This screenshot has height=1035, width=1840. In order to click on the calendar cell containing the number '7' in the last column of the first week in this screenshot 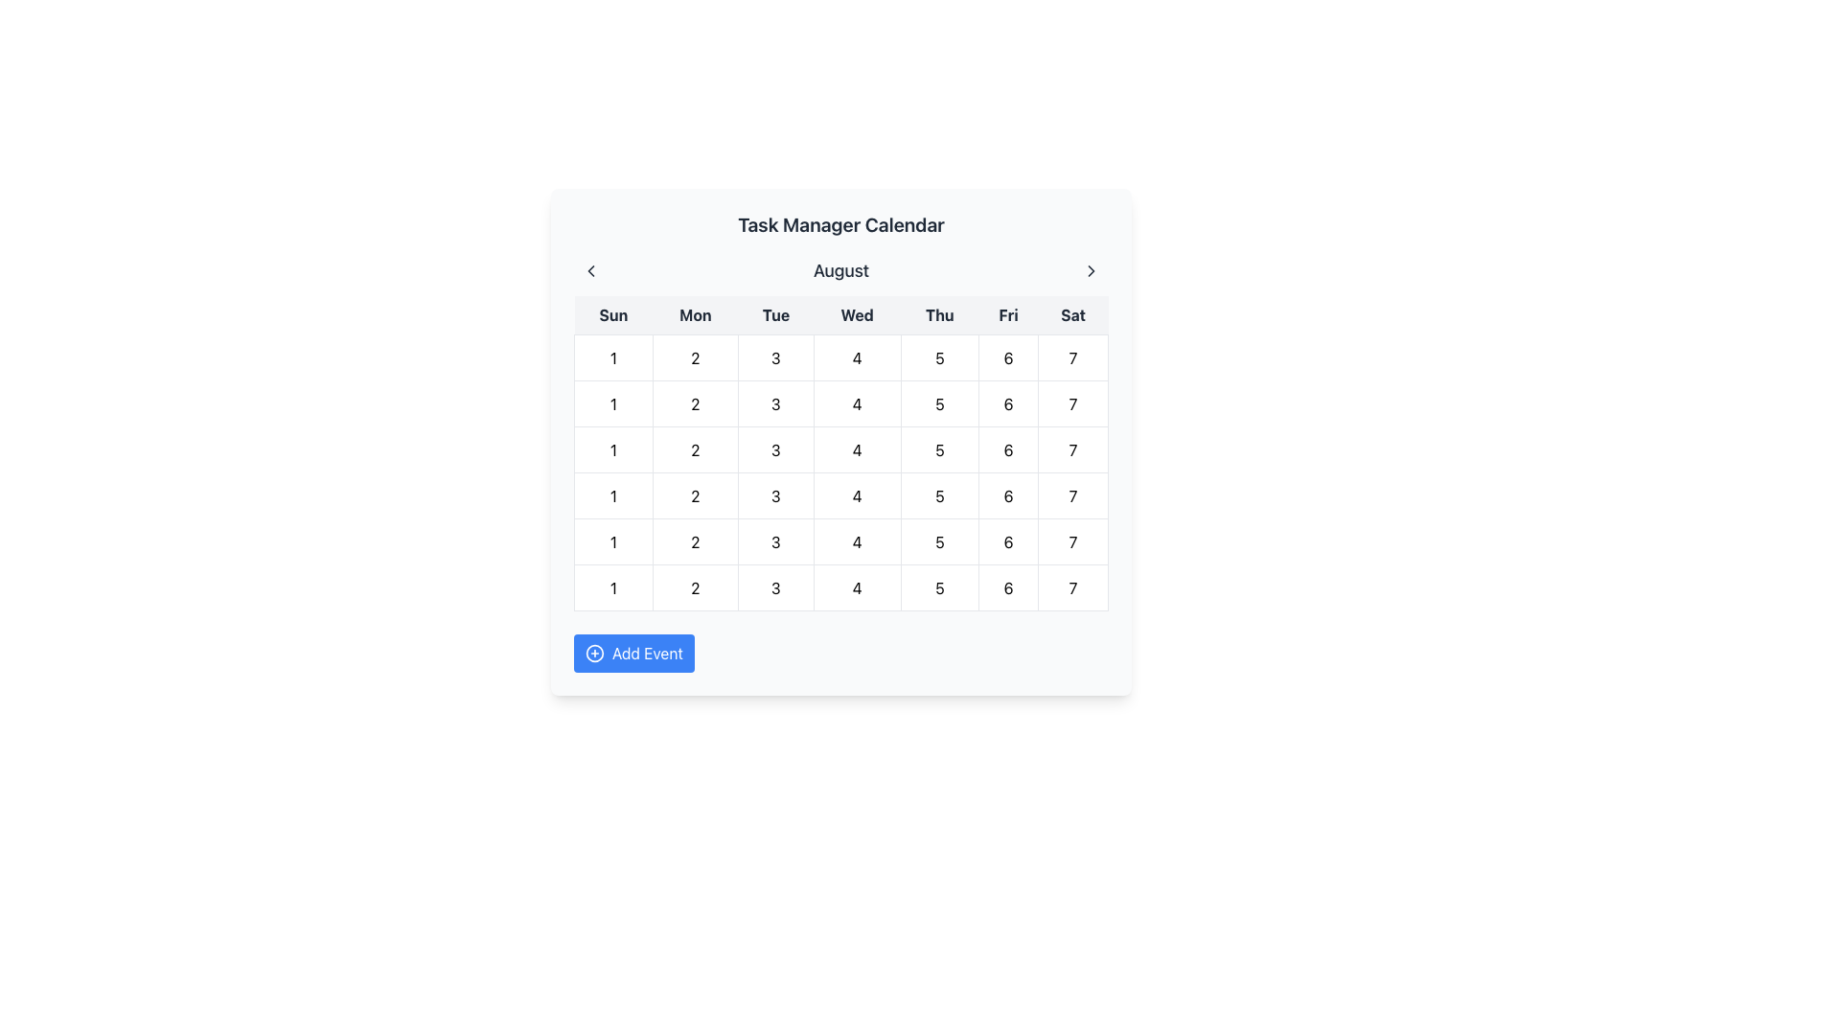, I will do `click(1073, 402)`.